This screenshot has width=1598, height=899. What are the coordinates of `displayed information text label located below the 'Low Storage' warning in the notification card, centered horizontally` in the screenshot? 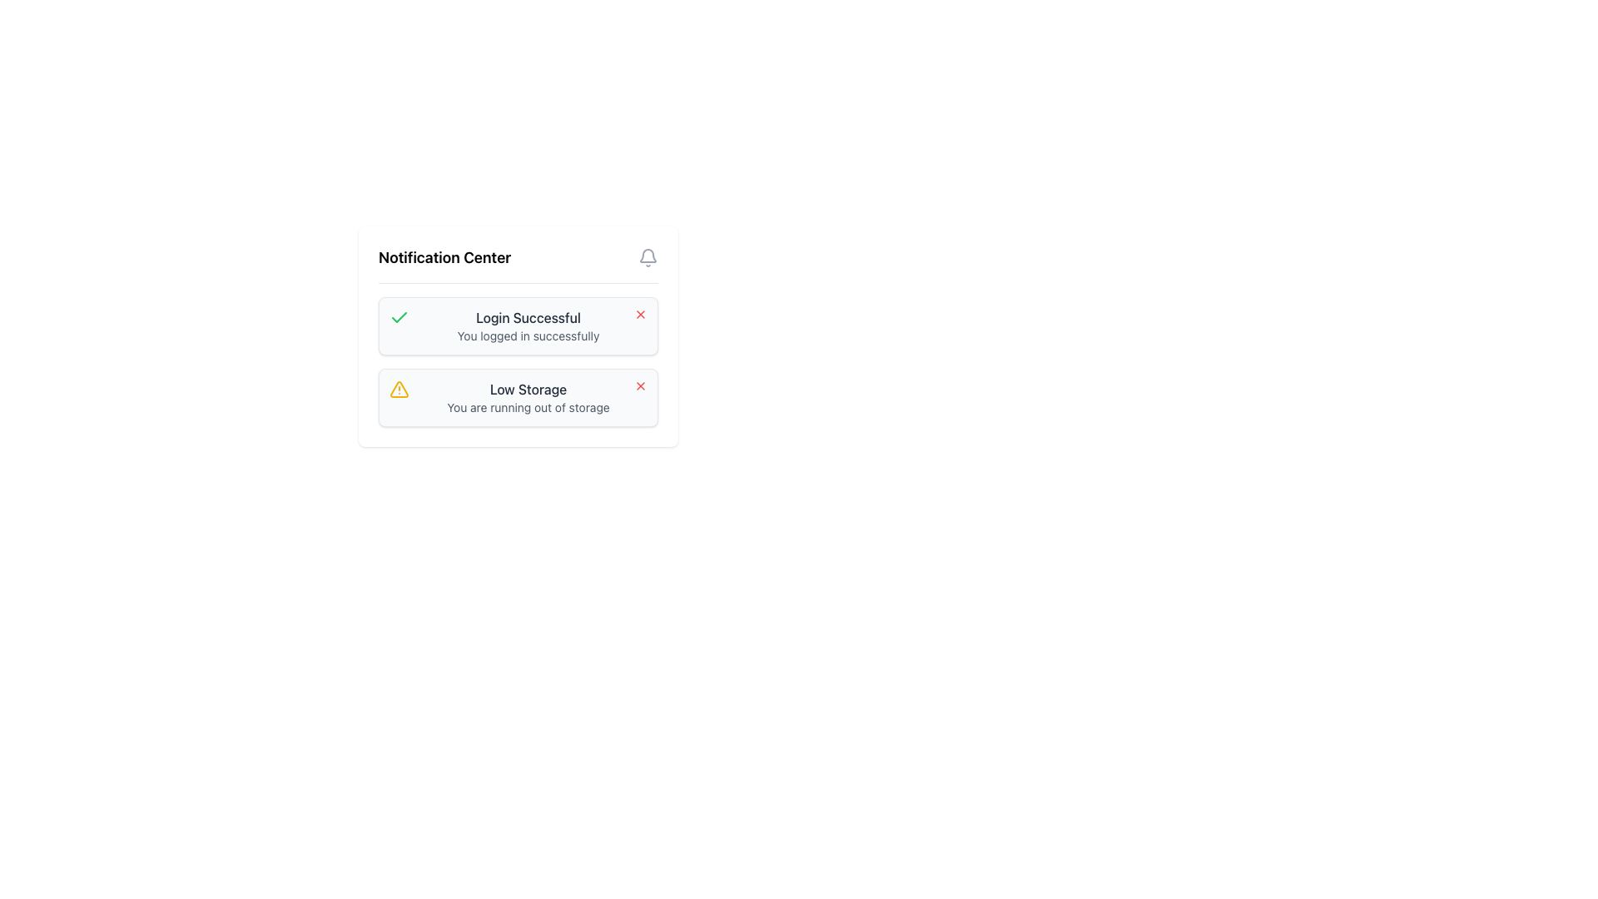 It's located at (527, 407).